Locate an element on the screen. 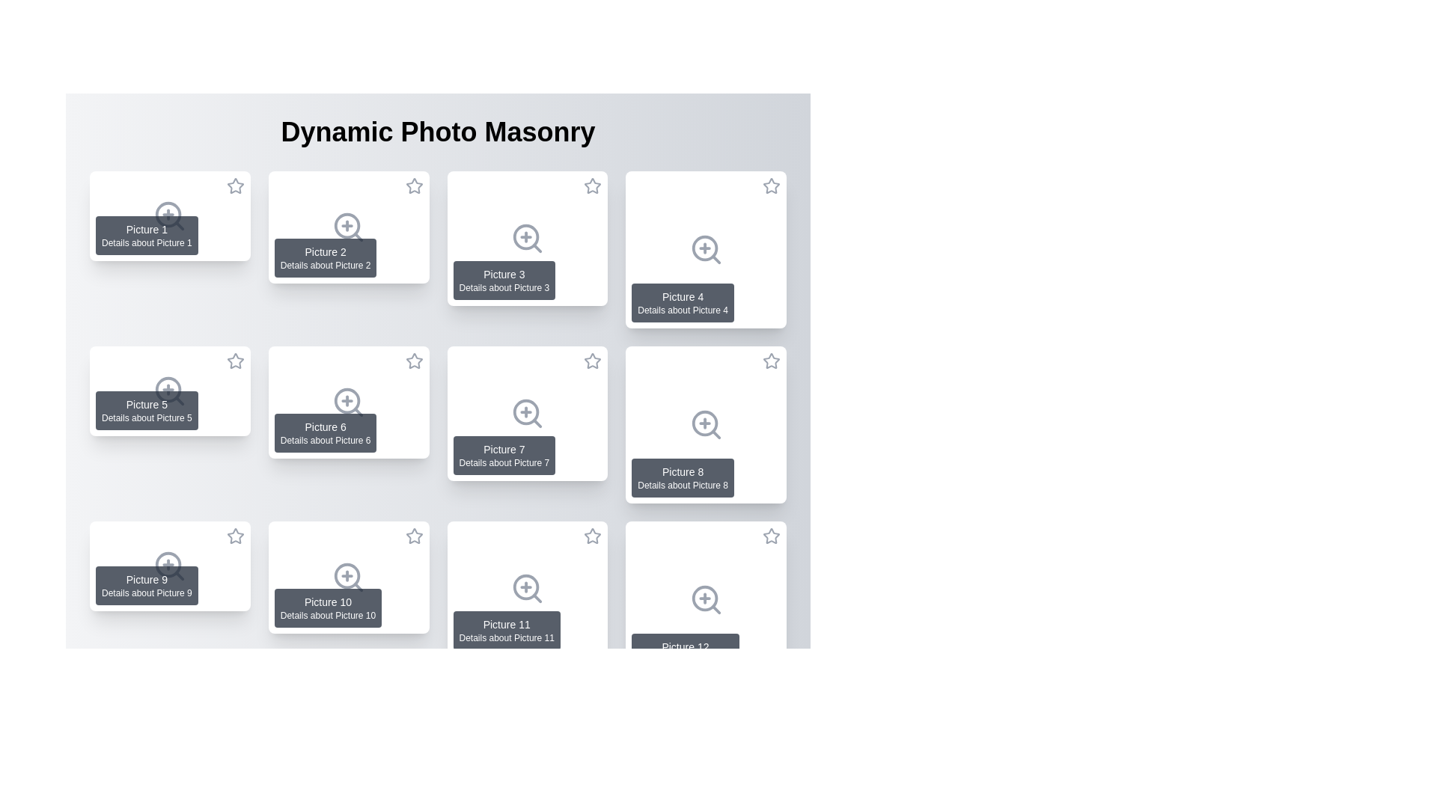 The image size is (1437, 808). the text label displaying 'Picture 3' styled in white on a dark gray background, located in the bottom-left corner of the card labeled 'Picture 3' is located at coordinates (504, 274).